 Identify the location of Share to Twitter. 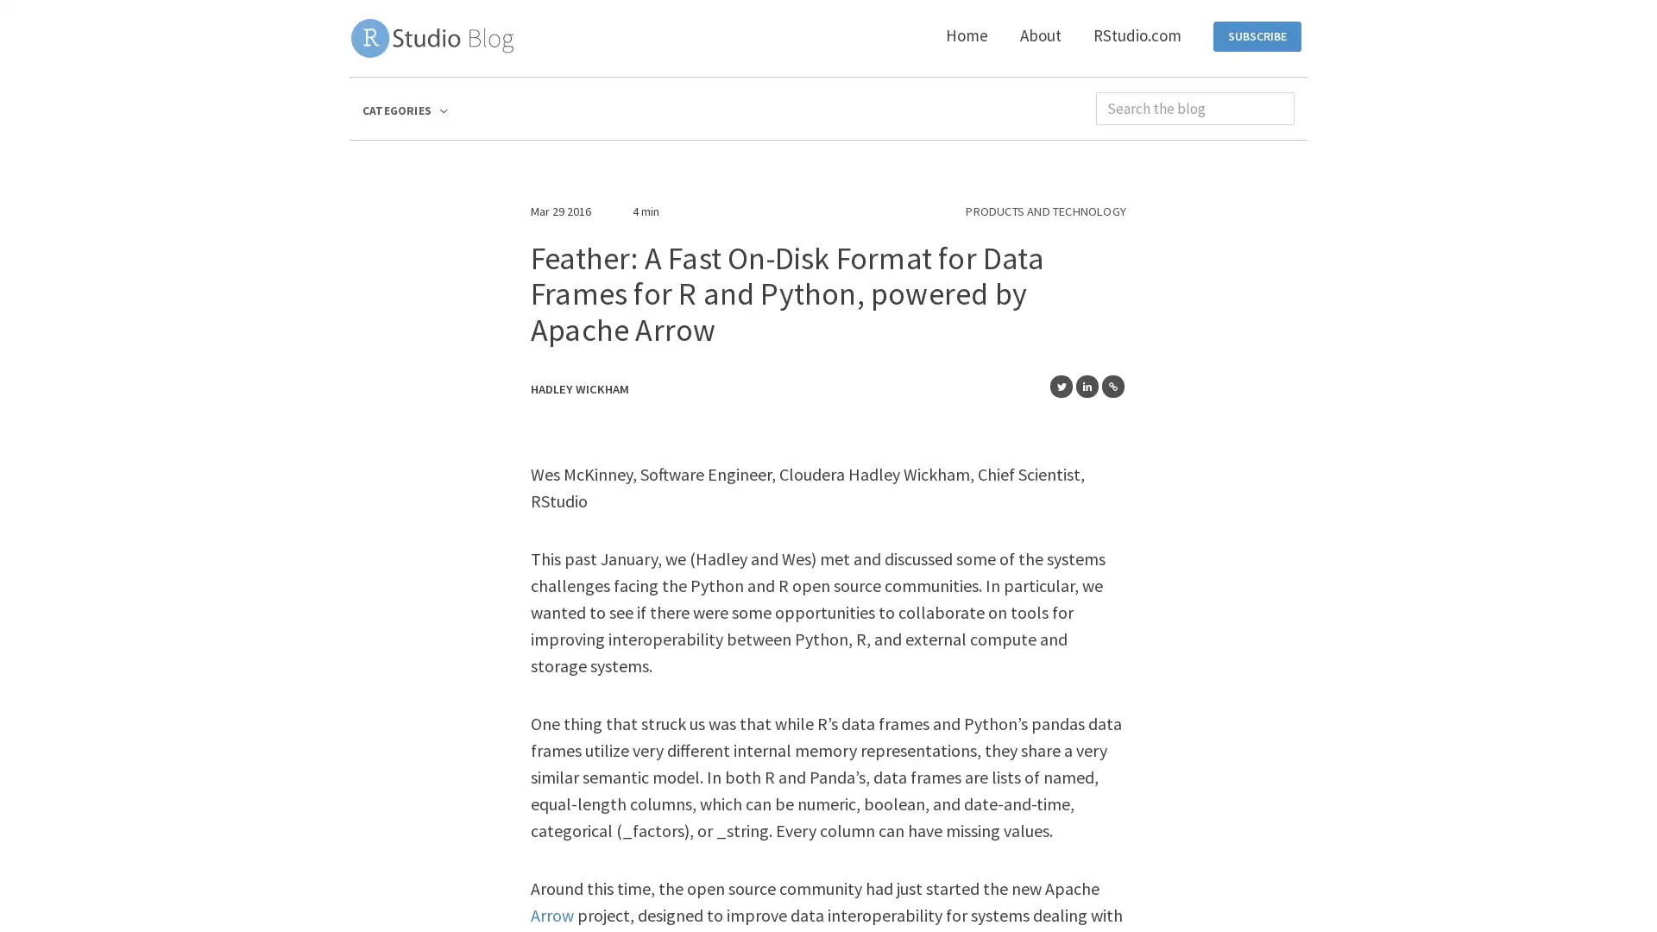
(1060, 385).